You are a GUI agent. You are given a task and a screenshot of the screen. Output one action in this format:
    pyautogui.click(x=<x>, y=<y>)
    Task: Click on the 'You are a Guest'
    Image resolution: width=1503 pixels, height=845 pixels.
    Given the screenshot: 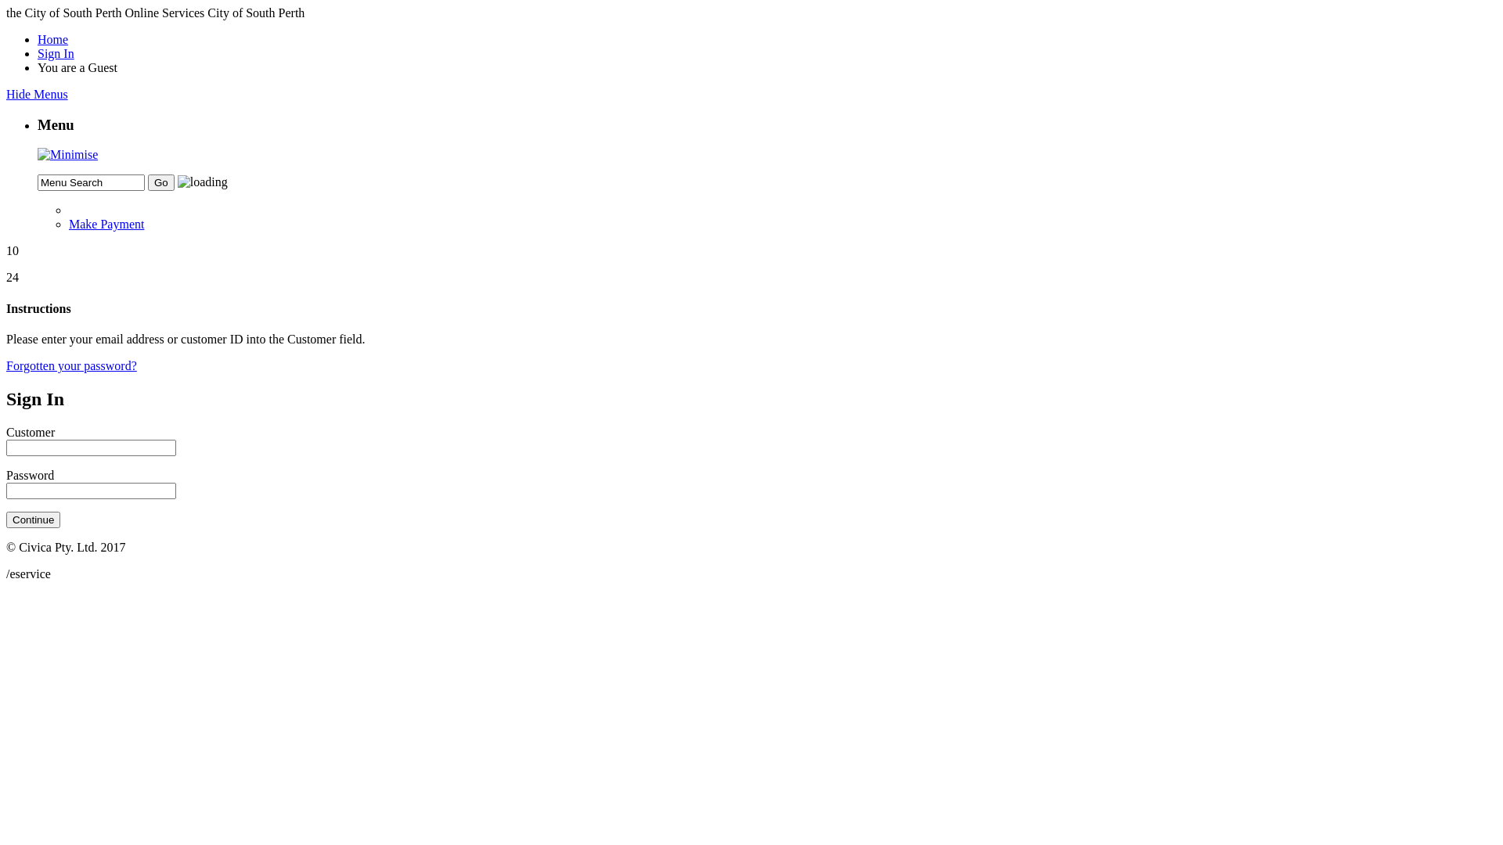 What is the action you would take?
    pyautogui.click(x=38, y=67)
    